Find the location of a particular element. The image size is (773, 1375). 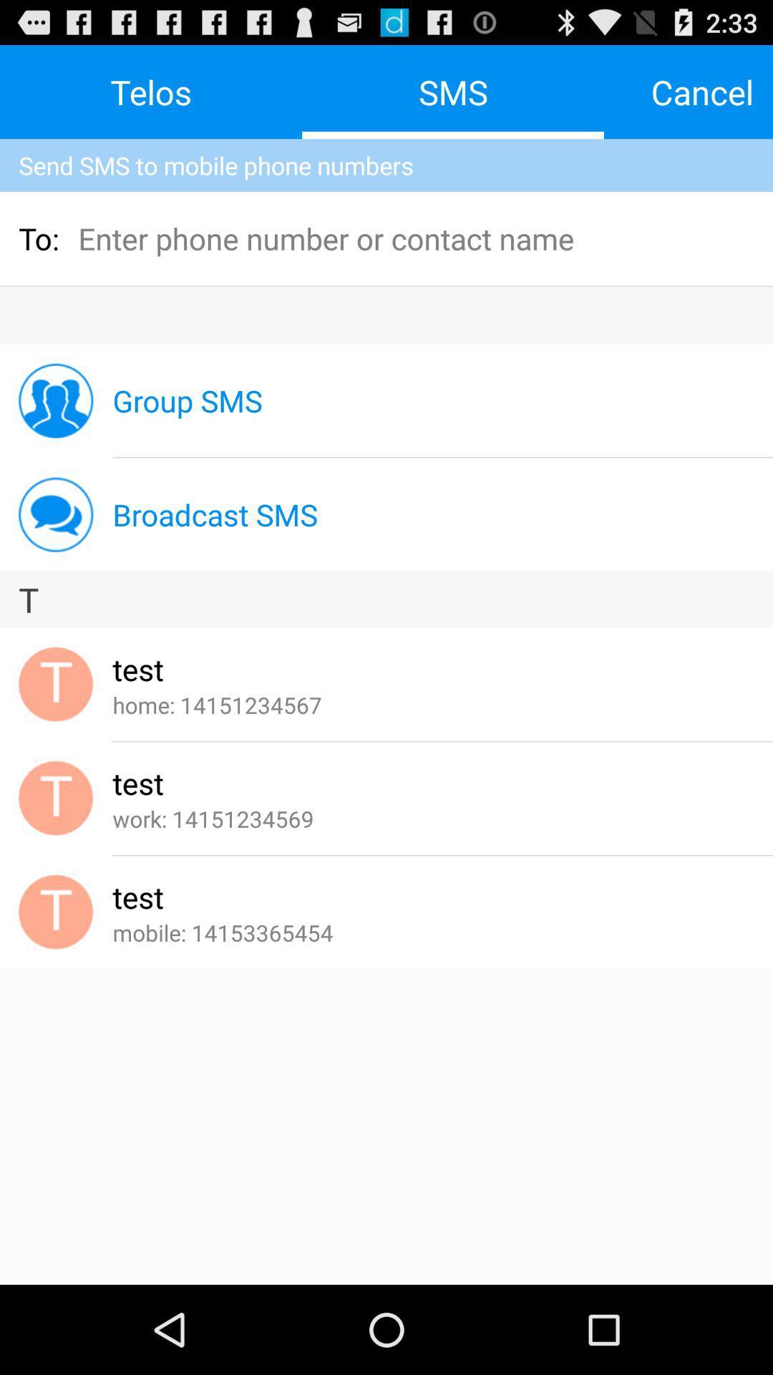

broadcast sms item is located at coordinates (215, 514).